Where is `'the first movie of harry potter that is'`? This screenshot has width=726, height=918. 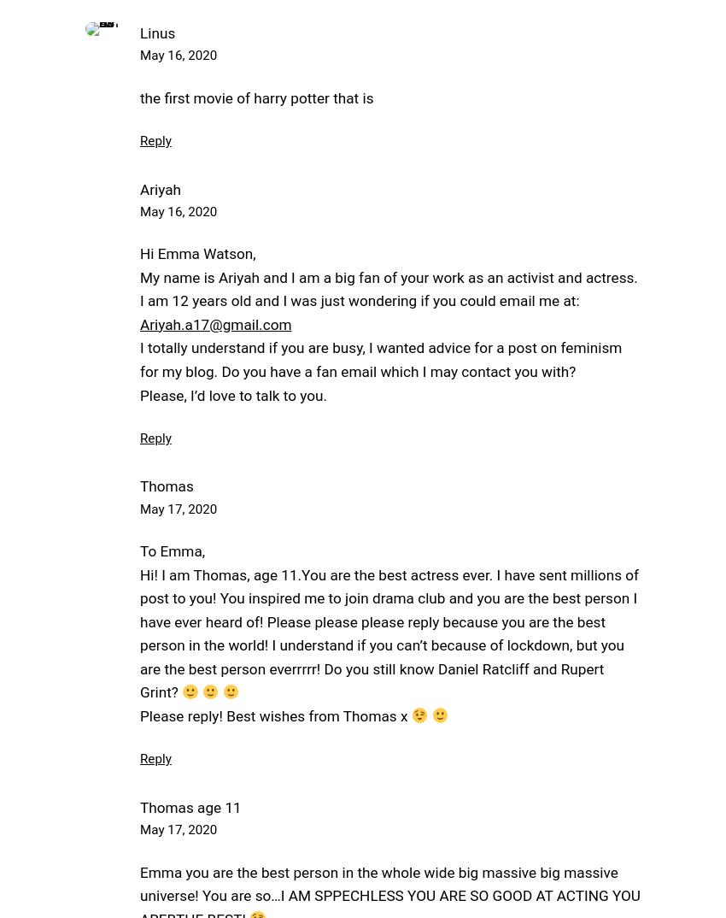
'the first movie of harry potter that is' is located at coordinates (256, 96).